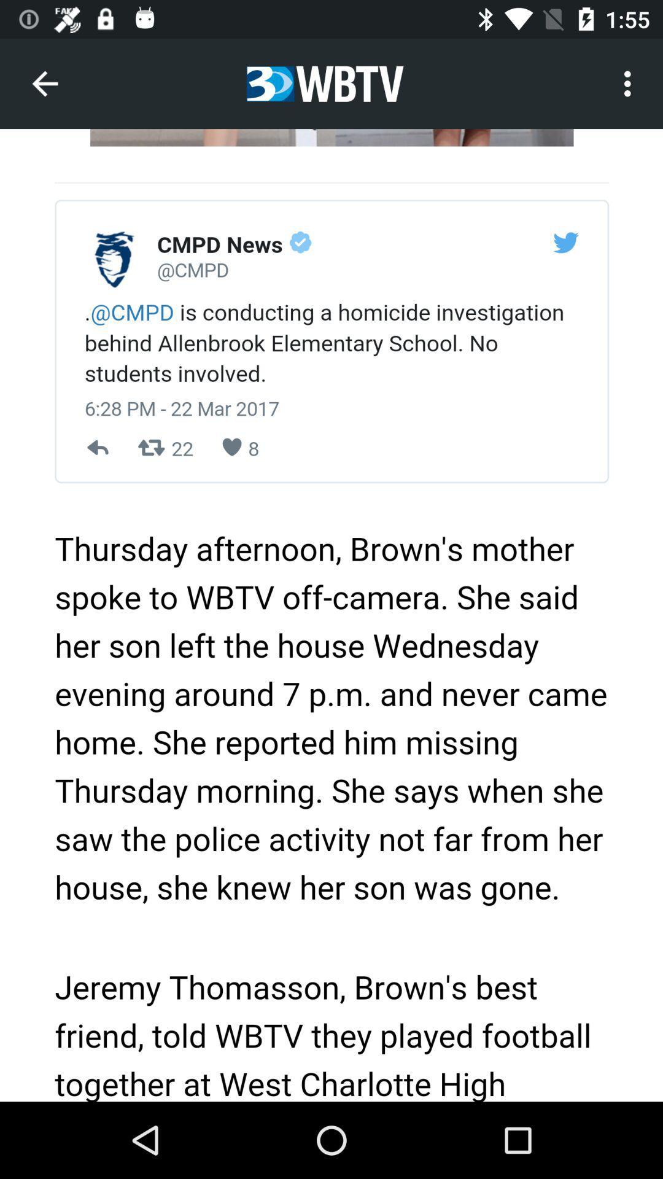  I want to click on file option, so click(331, 615).